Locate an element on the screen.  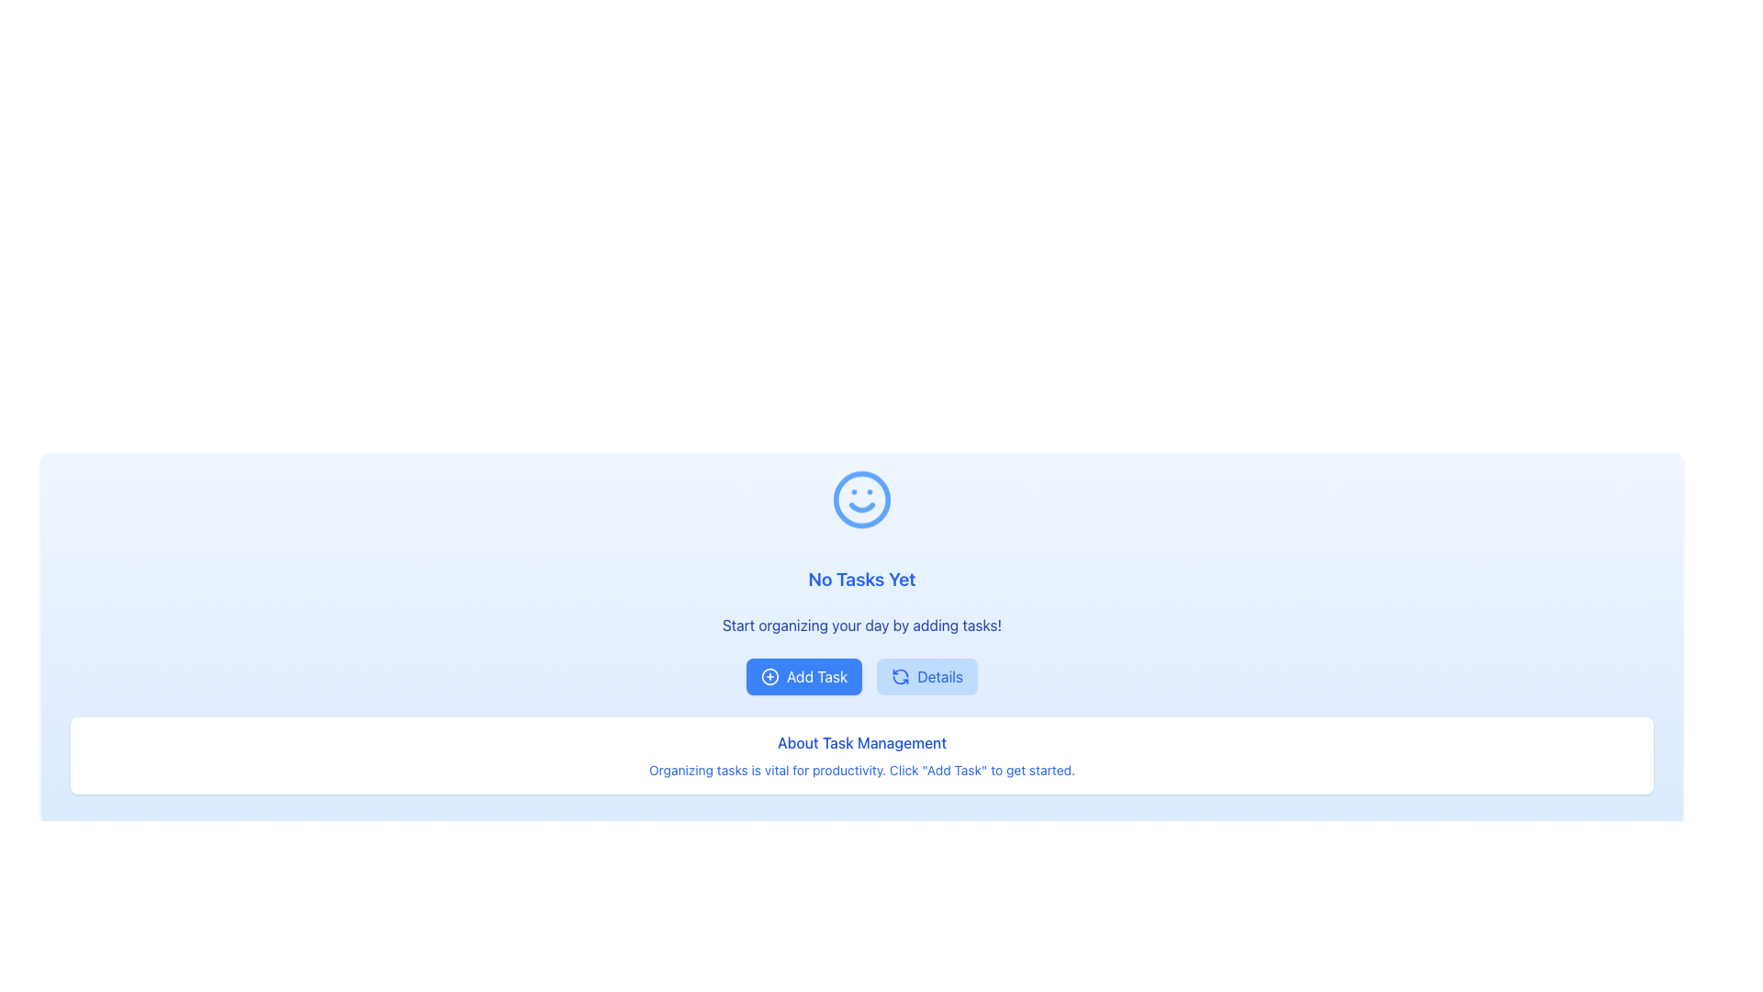
the Text Label located within the button is located at coordinates (939, 676).